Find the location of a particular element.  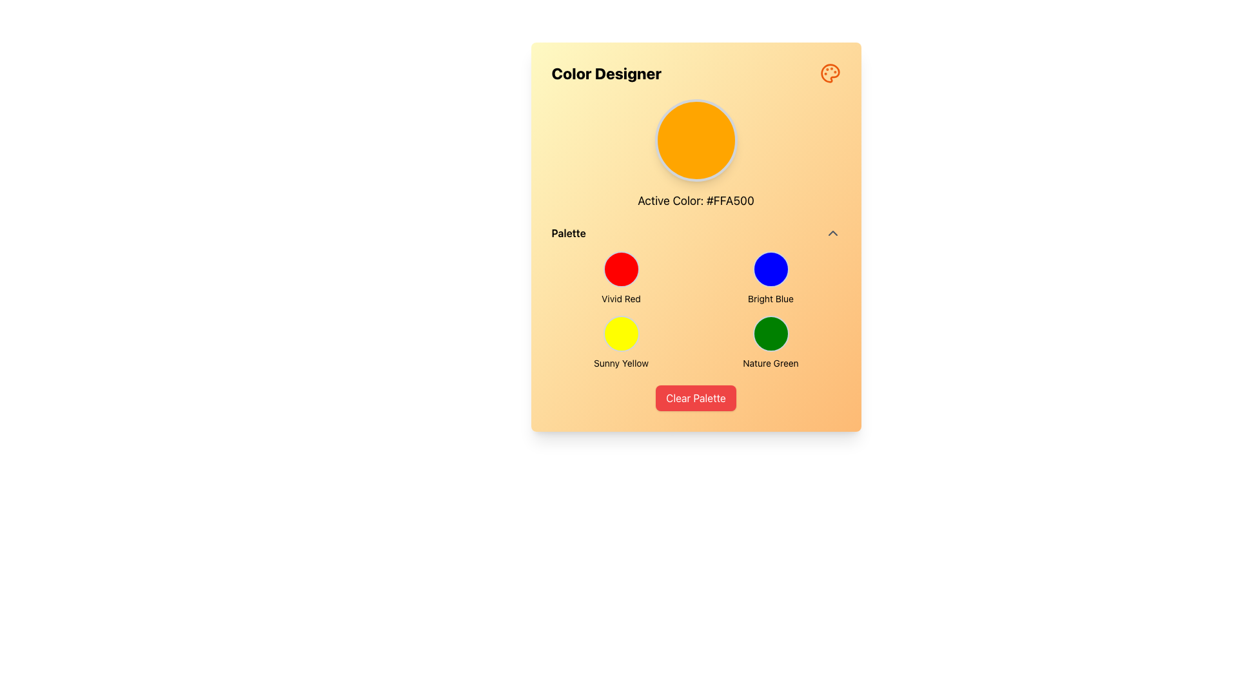

the central and largest graphical vector element of the painter's palette icon located at the upper-right corner of the 'Color Designer' section is located at coordinates (830, 73).